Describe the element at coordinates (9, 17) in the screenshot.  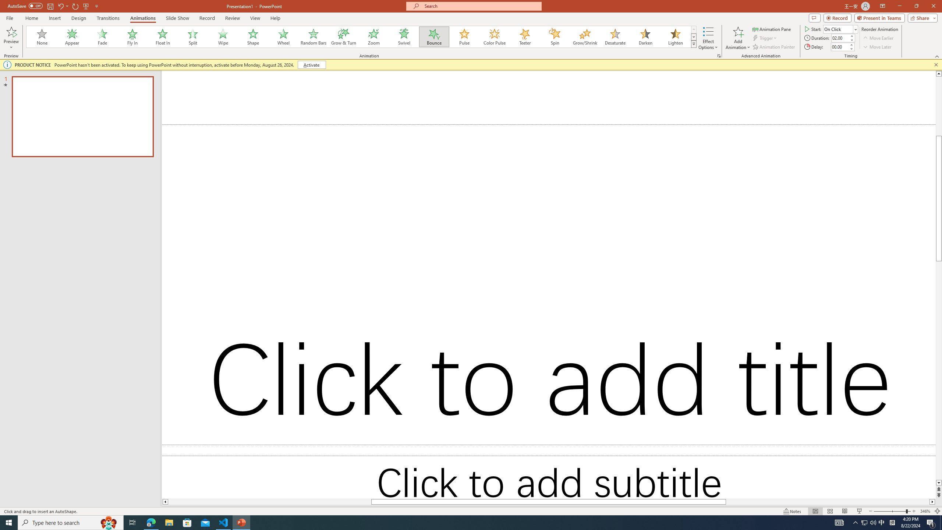
I see `'File Tab'` at that location.